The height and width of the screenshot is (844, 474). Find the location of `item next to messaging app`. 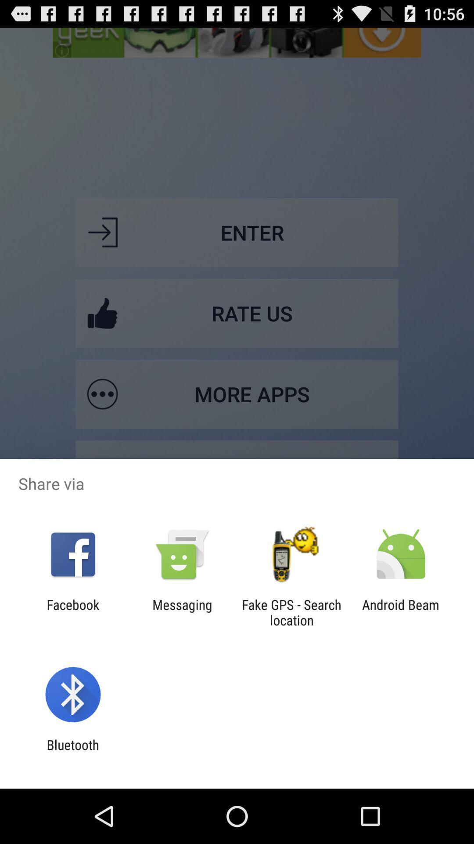

item next to messaging app is located at coordinates (291, 612).